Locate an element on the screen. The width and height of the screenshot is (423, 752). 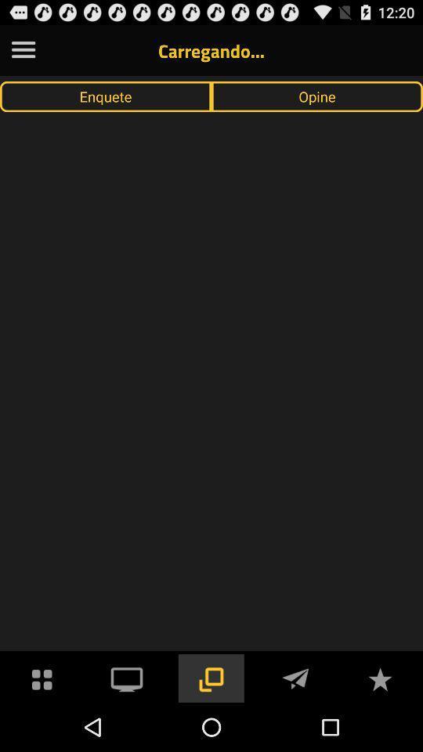
make screen larger is located at coordinates (211, 677).